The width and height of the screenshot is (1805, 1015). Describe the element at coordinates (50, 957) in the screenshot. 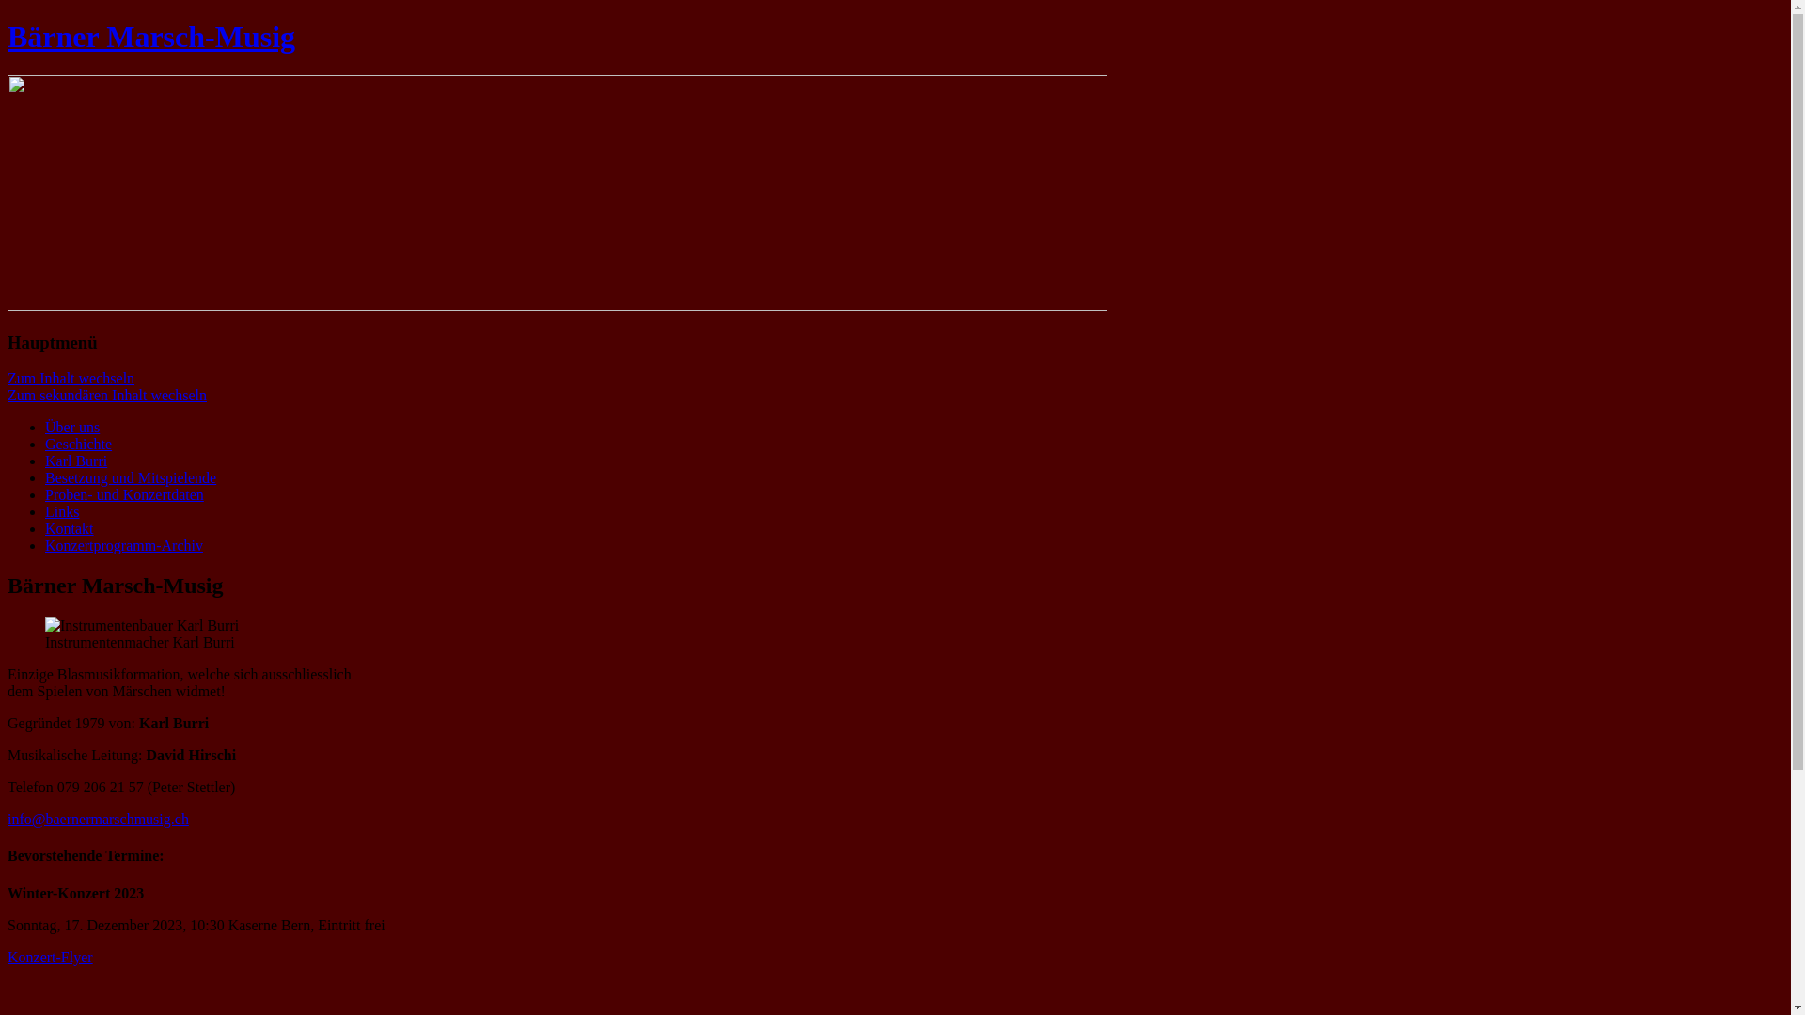

I see `'Konzert-Flyer'` at that location.